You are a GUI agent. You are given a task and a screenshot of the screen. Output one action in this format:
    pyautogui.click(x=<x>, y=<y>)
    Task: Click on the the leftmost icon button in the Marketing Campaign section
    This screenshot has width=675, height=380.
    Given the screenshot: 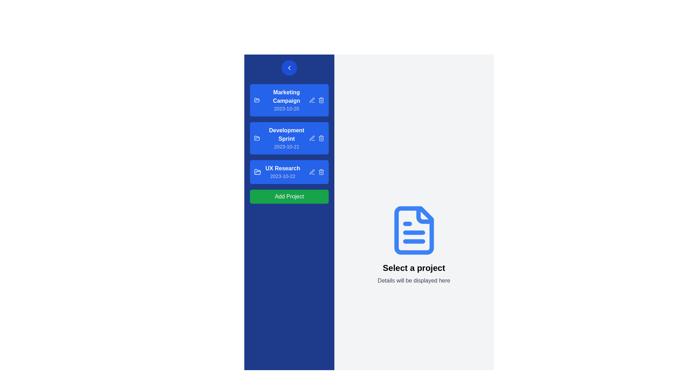 What is the action you would take?
    pyautogui.click(x=312, y=100)
    